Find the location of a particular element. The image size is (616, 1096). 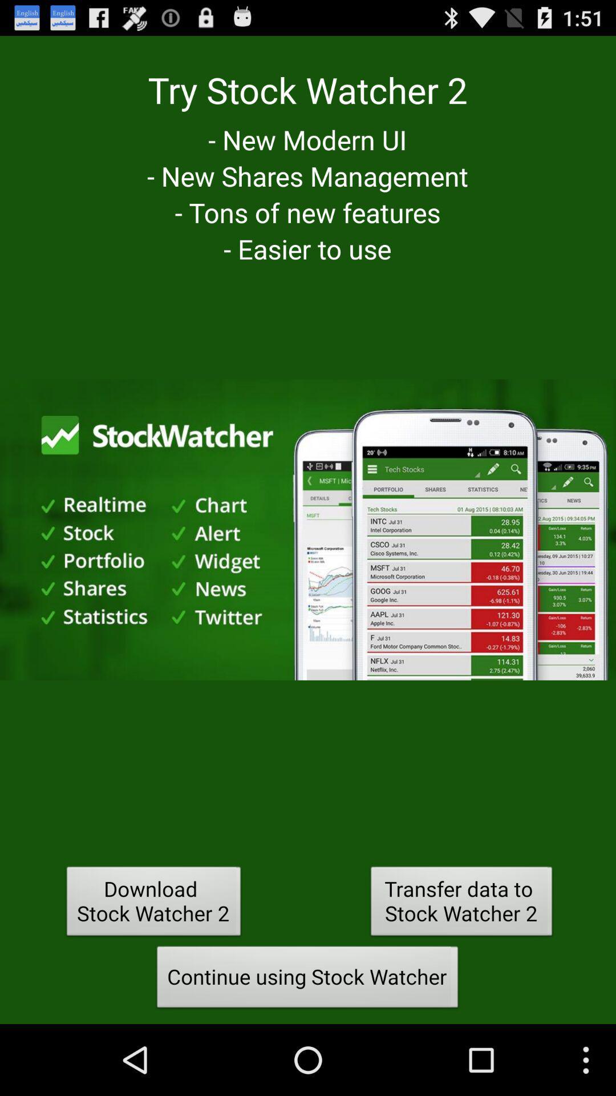

the item to the right of the download stock watcher icon is located at coordinates (461, 904).